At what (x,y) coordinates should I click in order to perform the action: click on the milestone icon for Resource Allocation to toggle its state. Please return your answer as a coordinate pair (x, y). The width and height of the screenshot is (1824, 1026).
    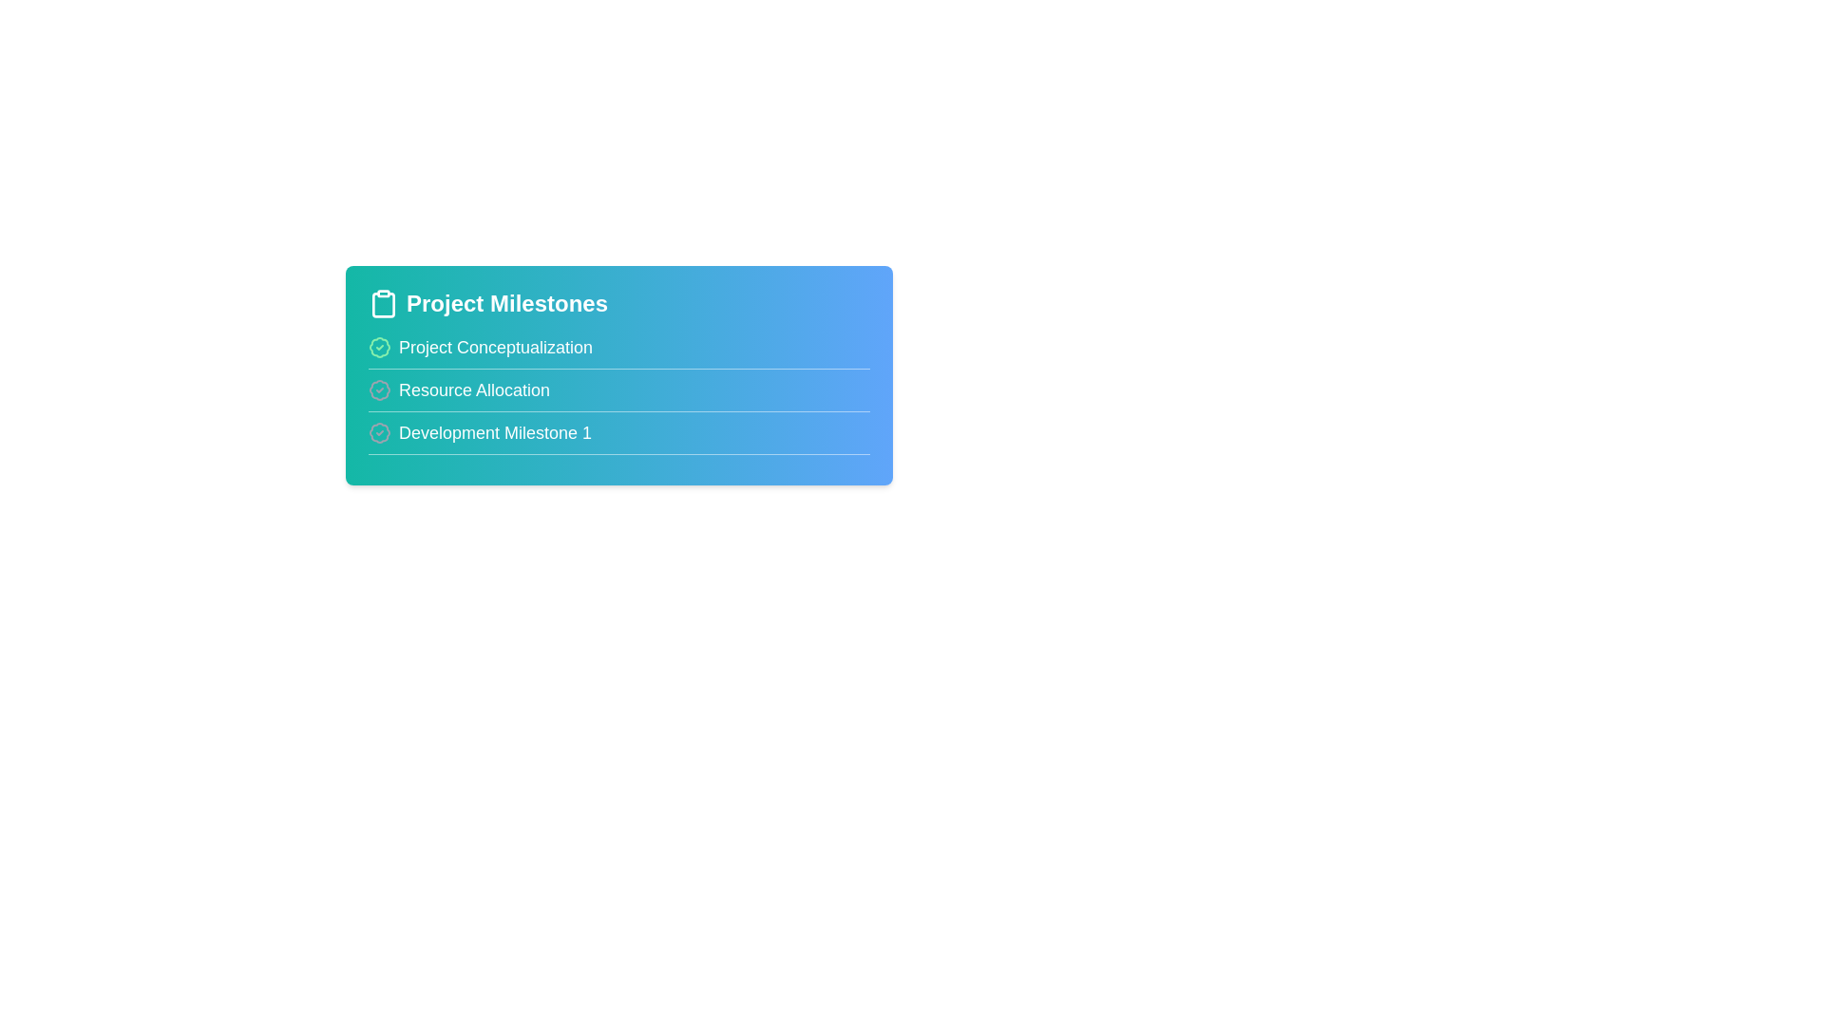
    Looking at the image, I should click on (379, 389).